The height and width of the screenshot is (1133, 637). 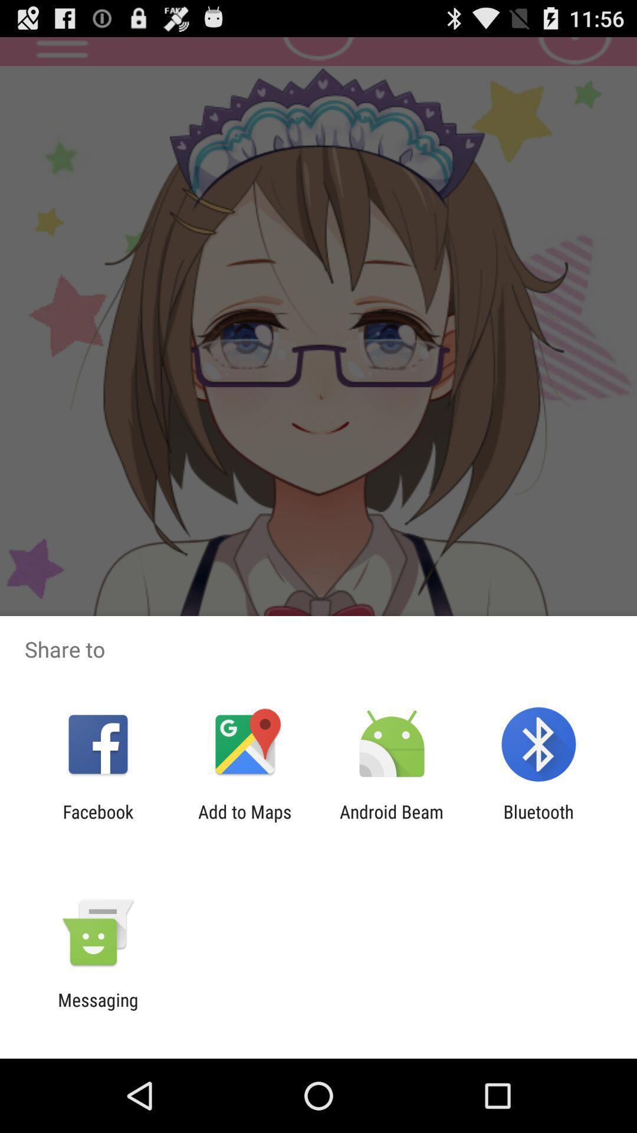 I want to click on icon to the right of the android beam app, so click(x=539, y=821).